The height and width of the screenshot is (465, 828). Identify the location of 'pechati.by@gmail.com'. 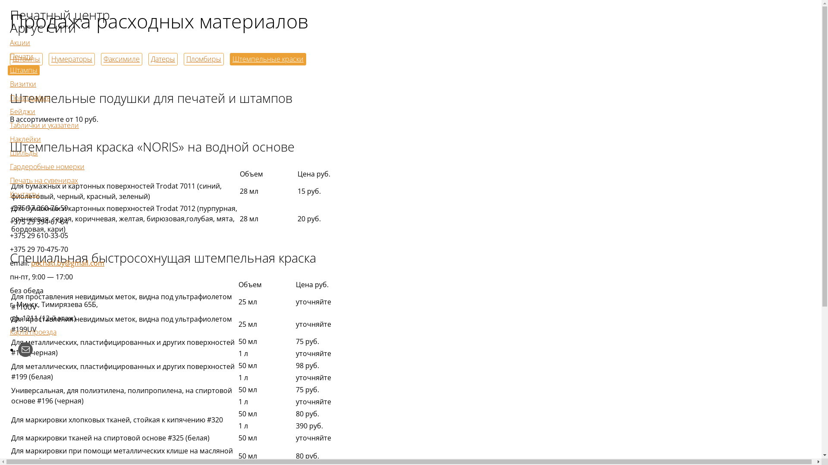
(31, 262).